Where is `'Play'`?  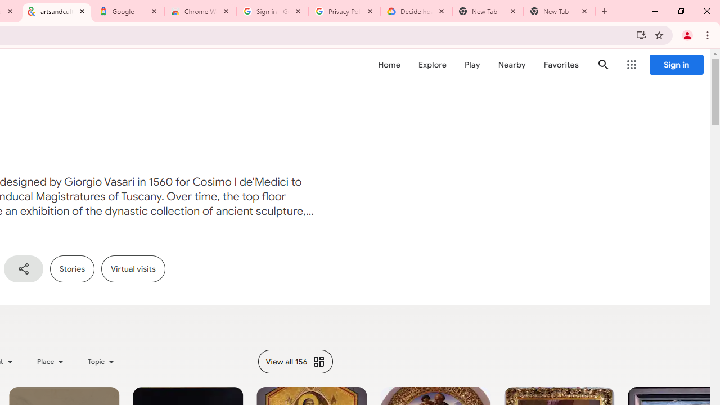 'Play' is located at coordinates (472, 65).